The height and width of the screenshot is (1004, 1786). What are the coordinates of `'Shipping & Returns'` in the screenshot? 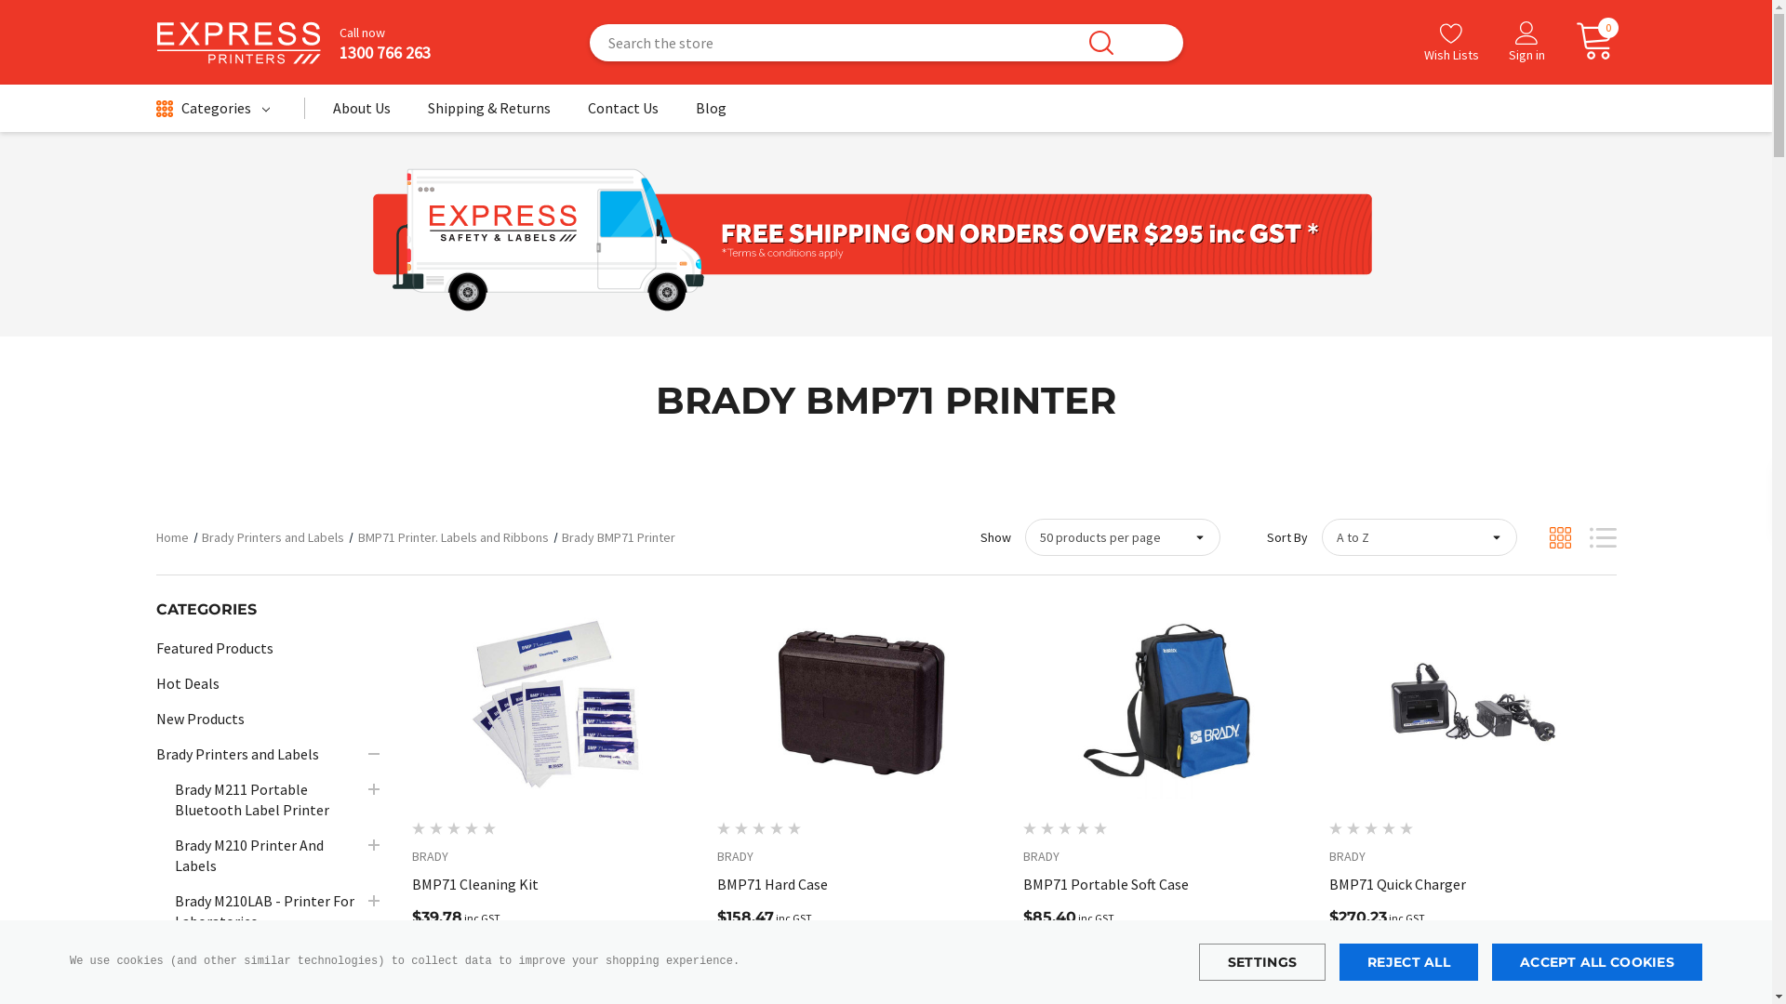 It's located at (489, 112).